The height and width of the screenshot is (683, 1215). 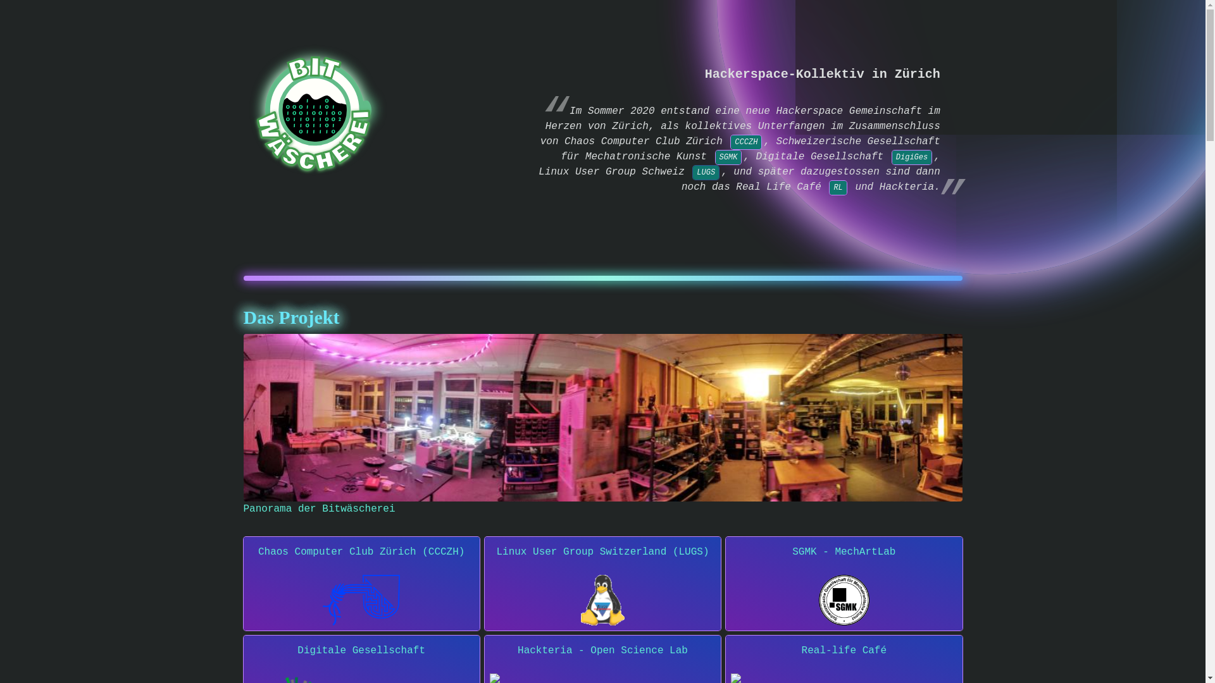 What do you see at coordinates (844, 583) in the screenshot?
I see `'SGMK - MechArtLab'` at bounding box center [844, 583].